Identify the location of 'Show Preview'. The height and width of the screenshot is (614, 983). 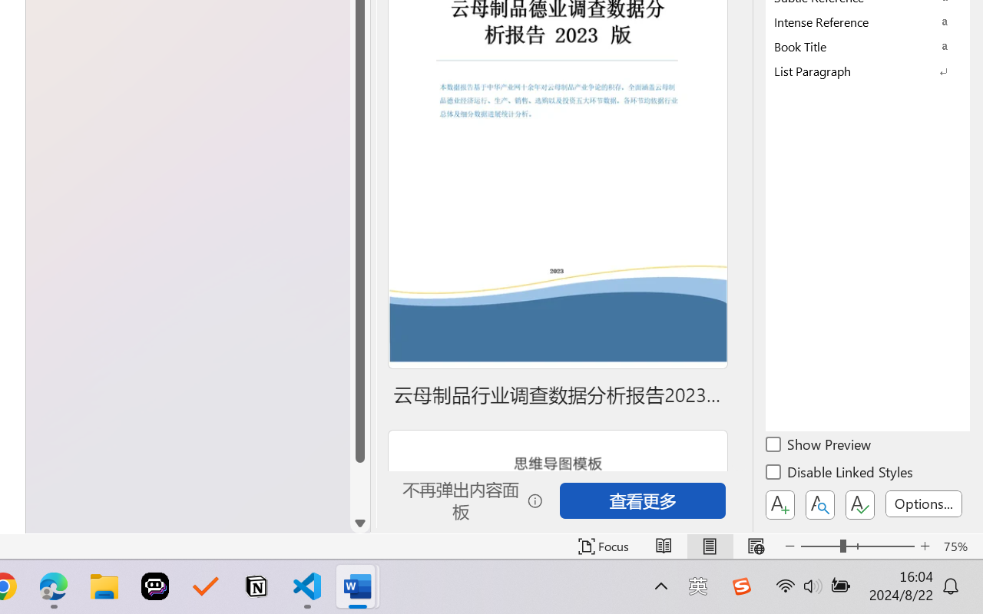
(819, 446).